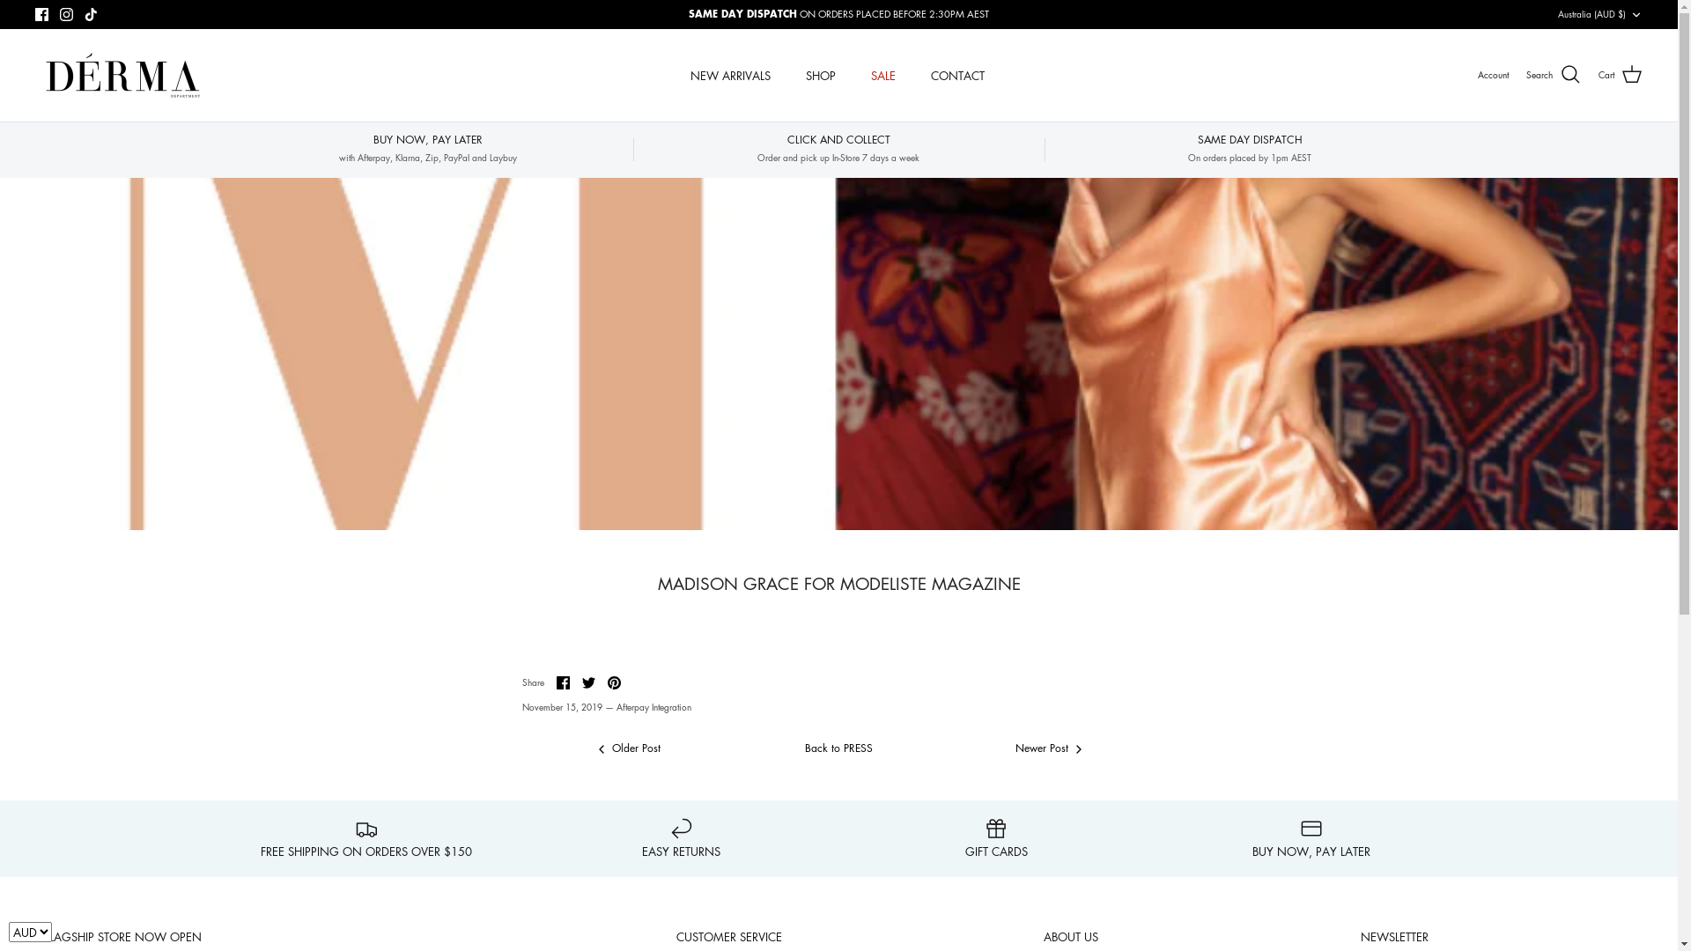  What do you see at coordinates (66, 14) in the screenshot?
I see `'Instagram'` at bounding box center [66, 14].